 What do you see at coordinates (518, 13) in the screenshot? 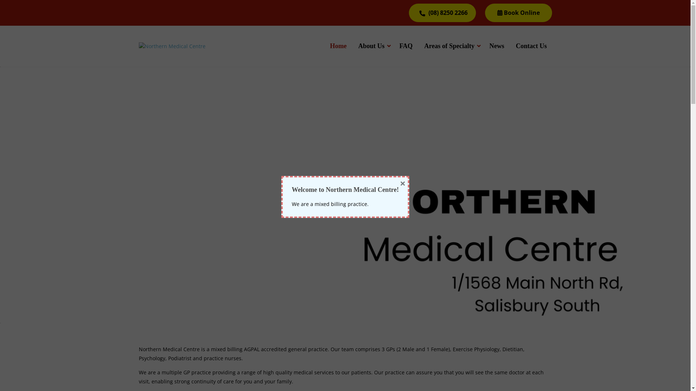
I see `'Book Online'` at bounding box center [518, 13].